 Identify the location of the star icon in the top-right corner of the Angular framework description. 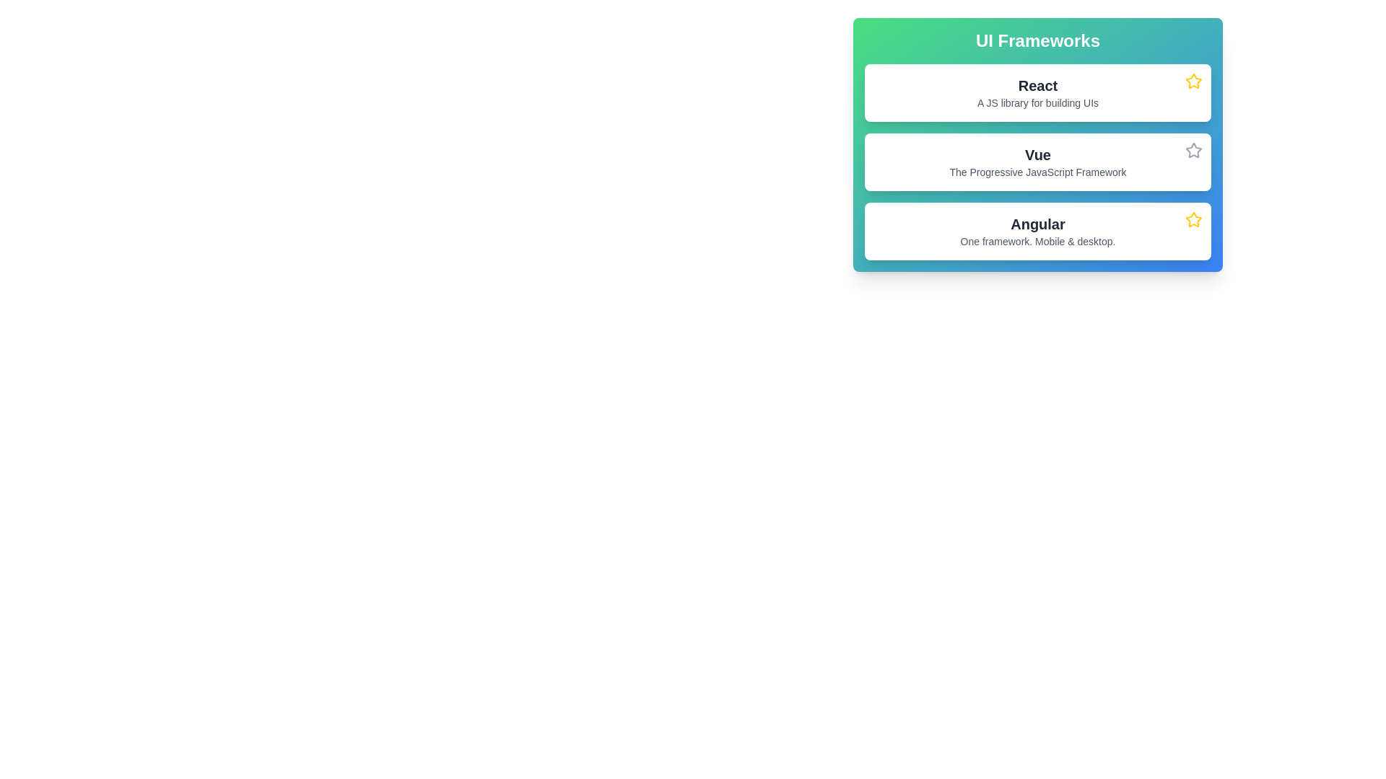
(1194, 219).